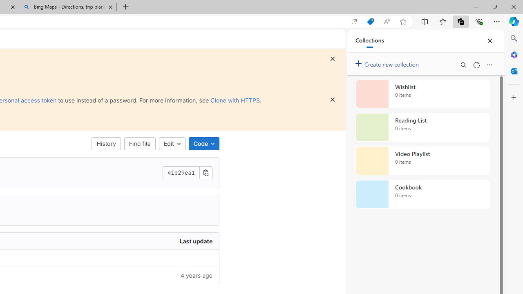 The image size is (523, 294). What do you see at coordinates (235, 100) in the screenshot?
I see `'Clone with HTTPS'` at bounding box center [235, 100].